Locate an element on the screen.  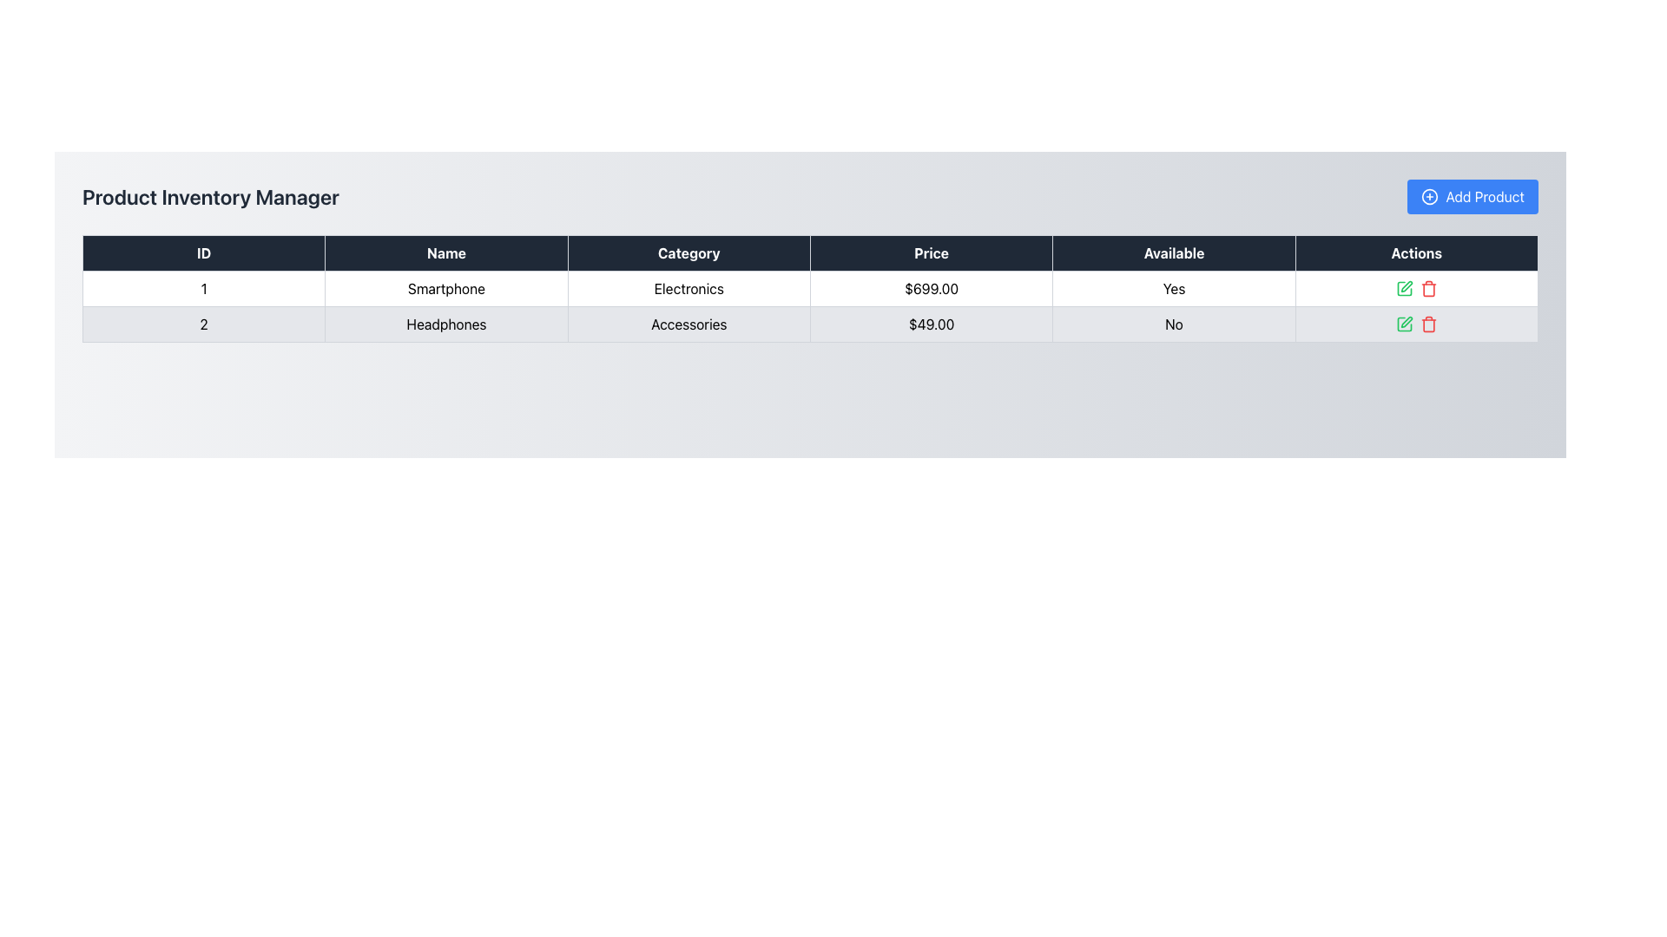
the trash can icon button in the 'Actions' column of the second row is located at coordinates (1428, 287).